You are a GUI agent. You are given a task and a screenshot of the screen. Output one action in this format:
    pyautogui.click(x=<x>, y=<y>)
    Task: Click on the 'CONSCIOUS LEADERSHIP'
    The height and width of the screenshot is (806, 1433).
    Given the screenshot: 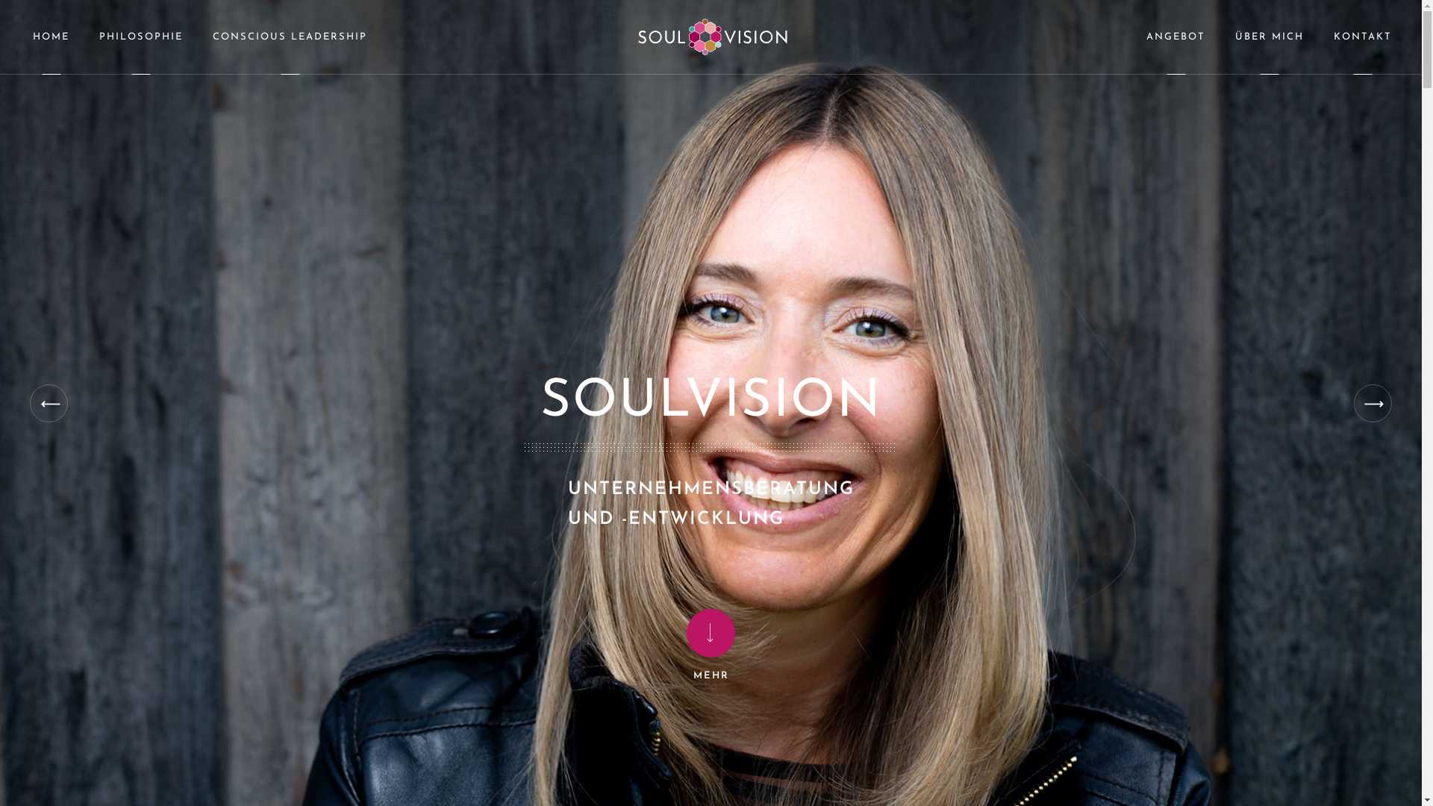 What is the action you would take?
    pyautogui.click(x=196, y=36)
    